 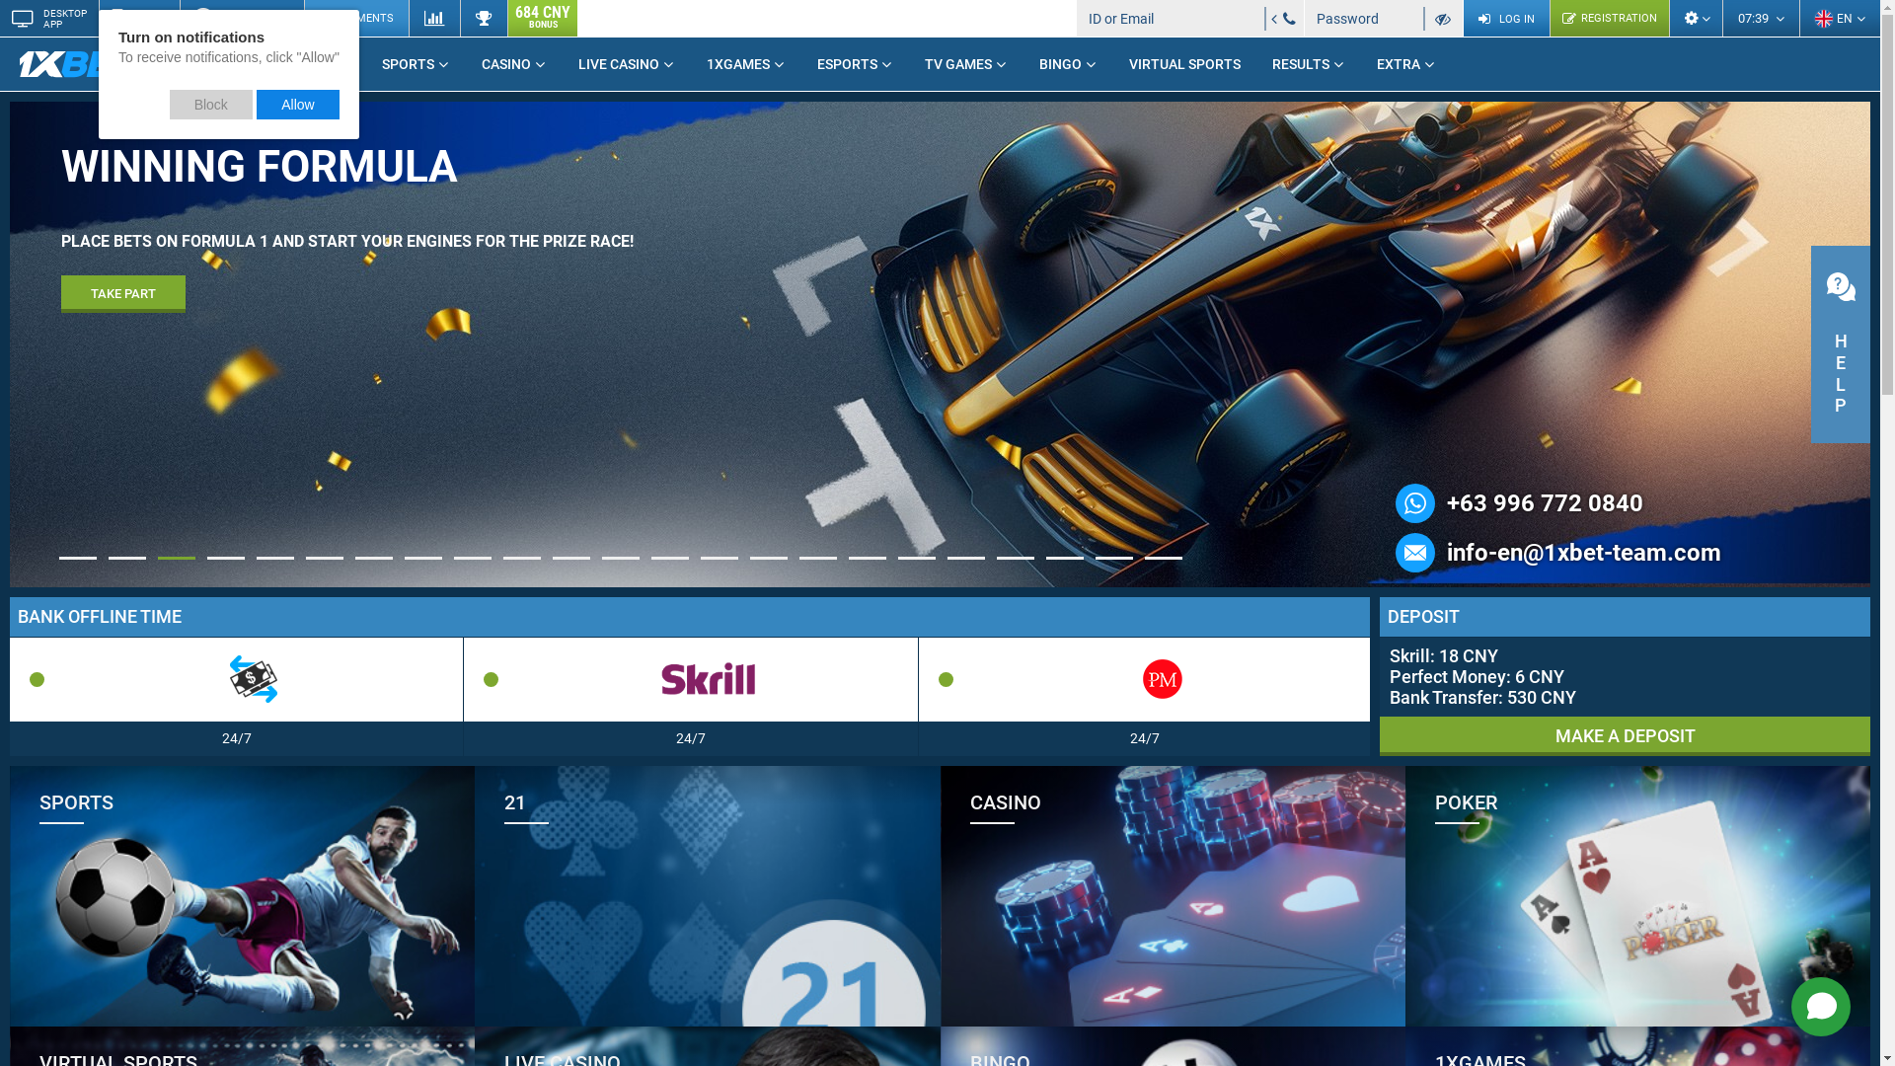 I want to click on 'Allow', so click(x=297, y=104).